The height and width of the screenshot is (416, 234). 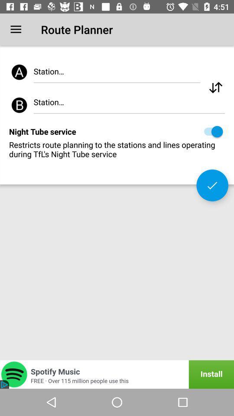 I want to click on change the radio station, so click(x=215, y=88).